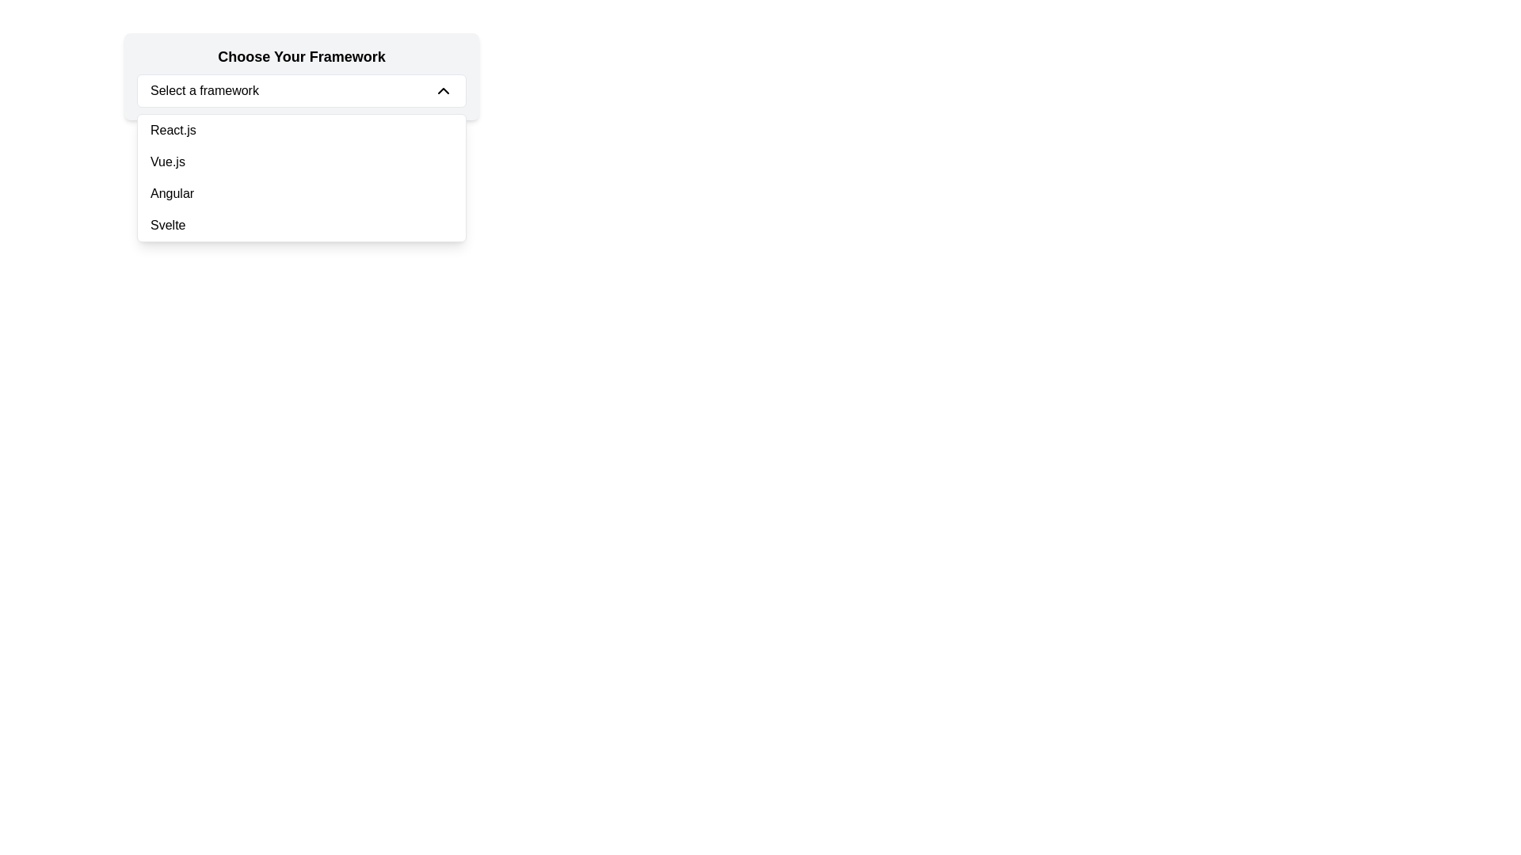 The image size is (1521, 855). What do you see at coordinates (301, 130) in the screenshot?
I see `to select the 'React.js' option from the dropdown list, which is the first item in the list of framework options under the 'Choose Your Framework' menu` at bounding box center [301, 130].